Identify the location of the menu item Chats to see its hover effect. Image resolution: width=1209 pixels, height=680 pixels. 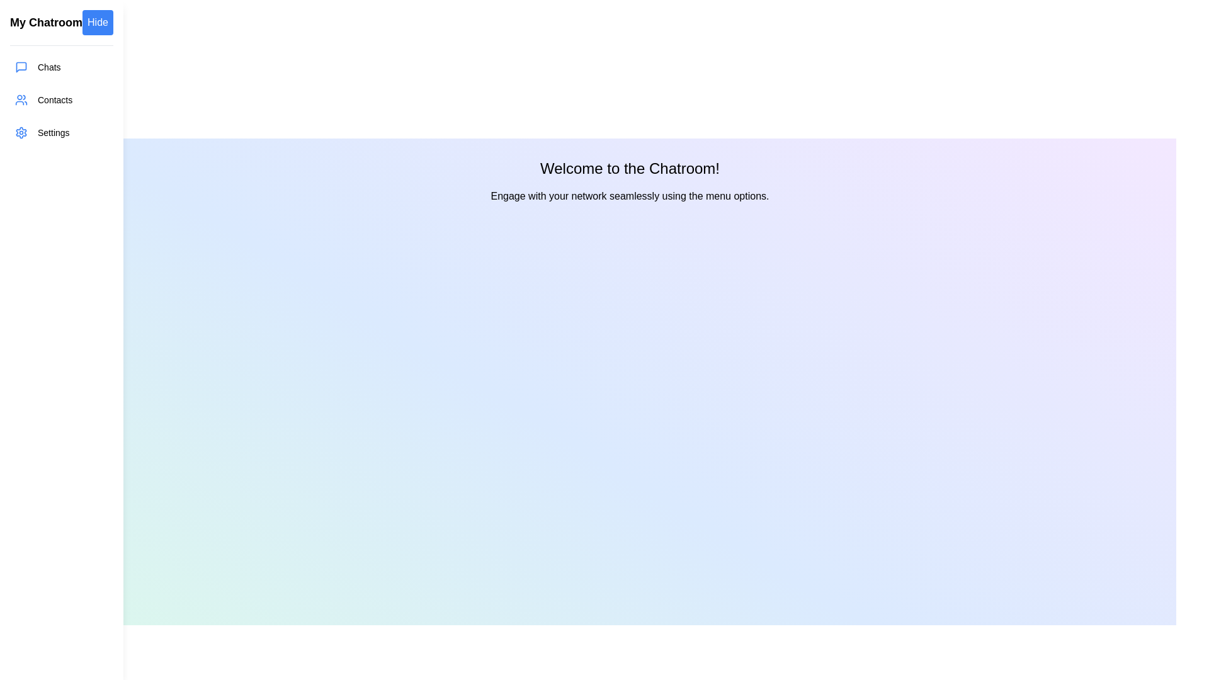
(60, 67).